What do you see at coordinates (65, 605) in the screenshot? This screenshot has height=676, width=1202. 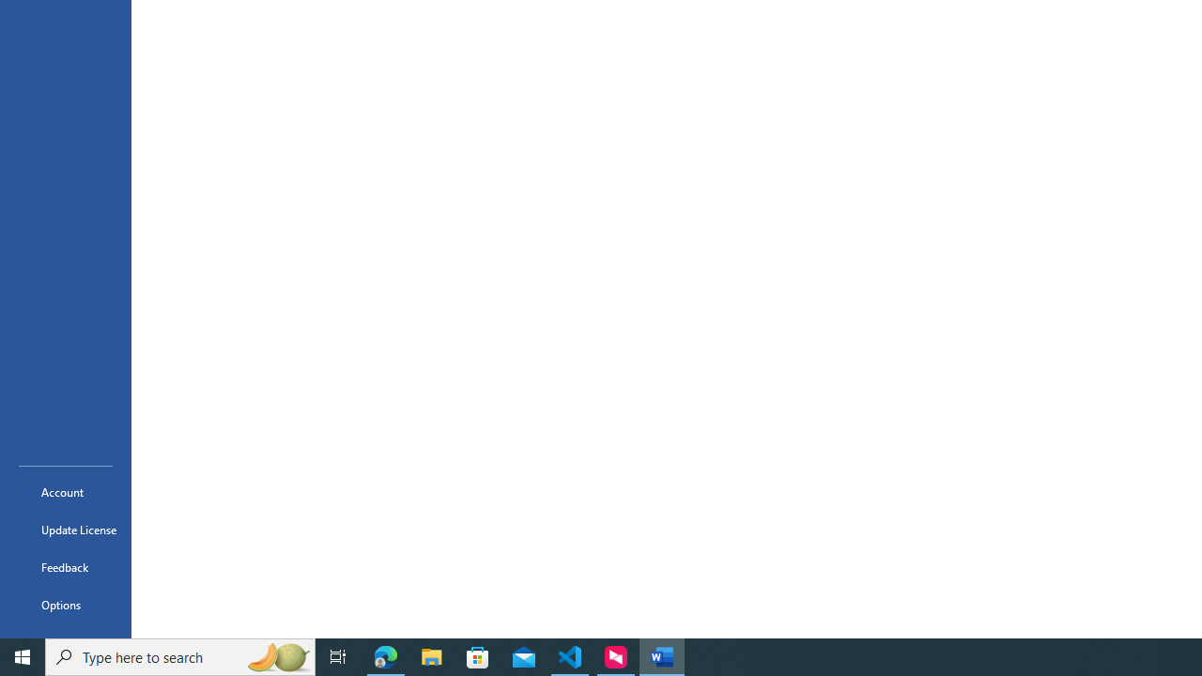 I see `'Options'` at bounding box center [65, 605].